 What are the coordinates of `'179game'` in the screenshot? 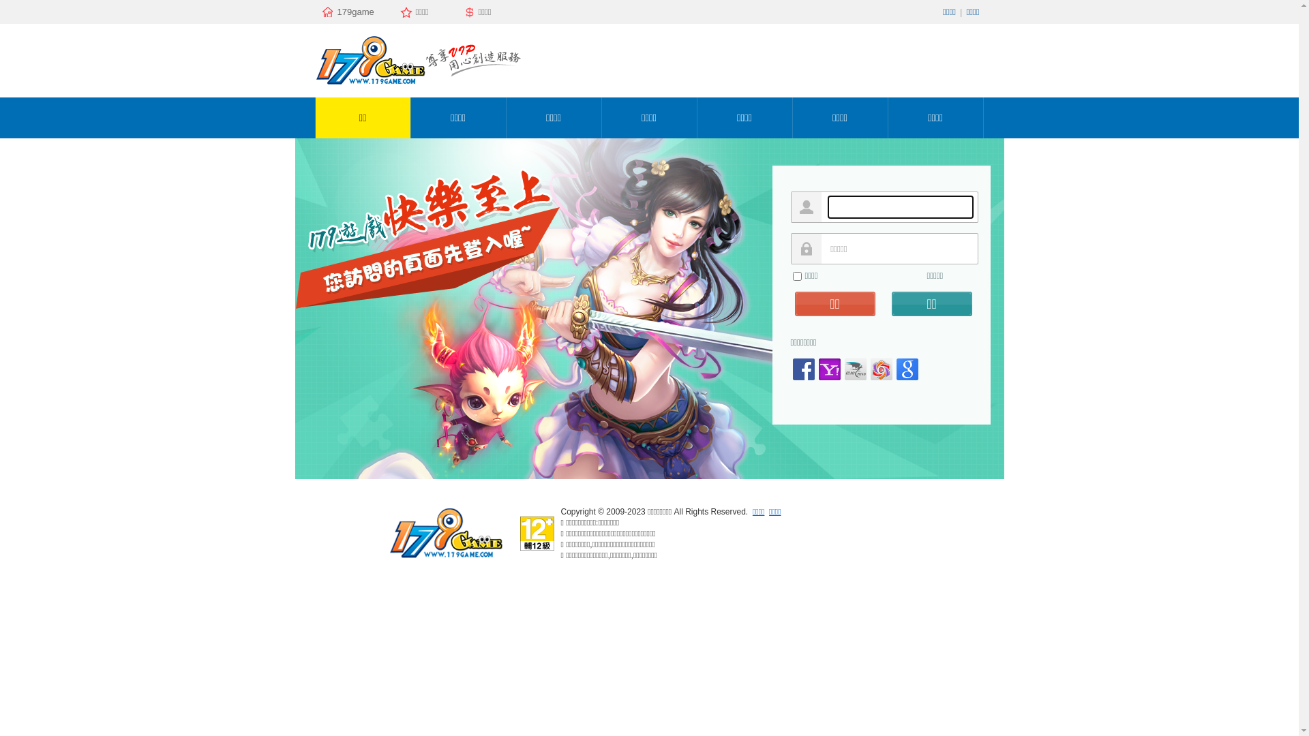 It's located at (445, 557).